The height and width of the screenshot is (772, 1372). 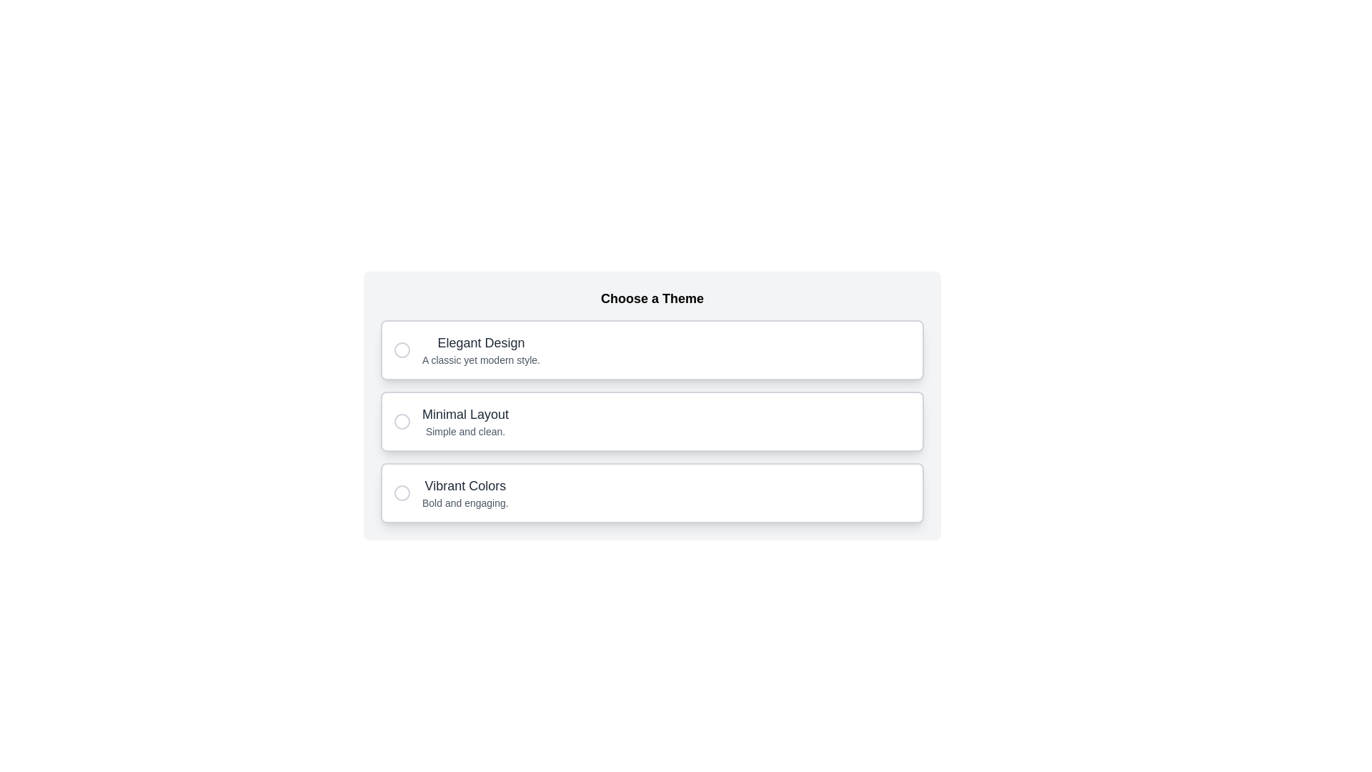 I want to click on the selectable option for the theme titled 'Vibrant Colors', so click(x=651, y=493).